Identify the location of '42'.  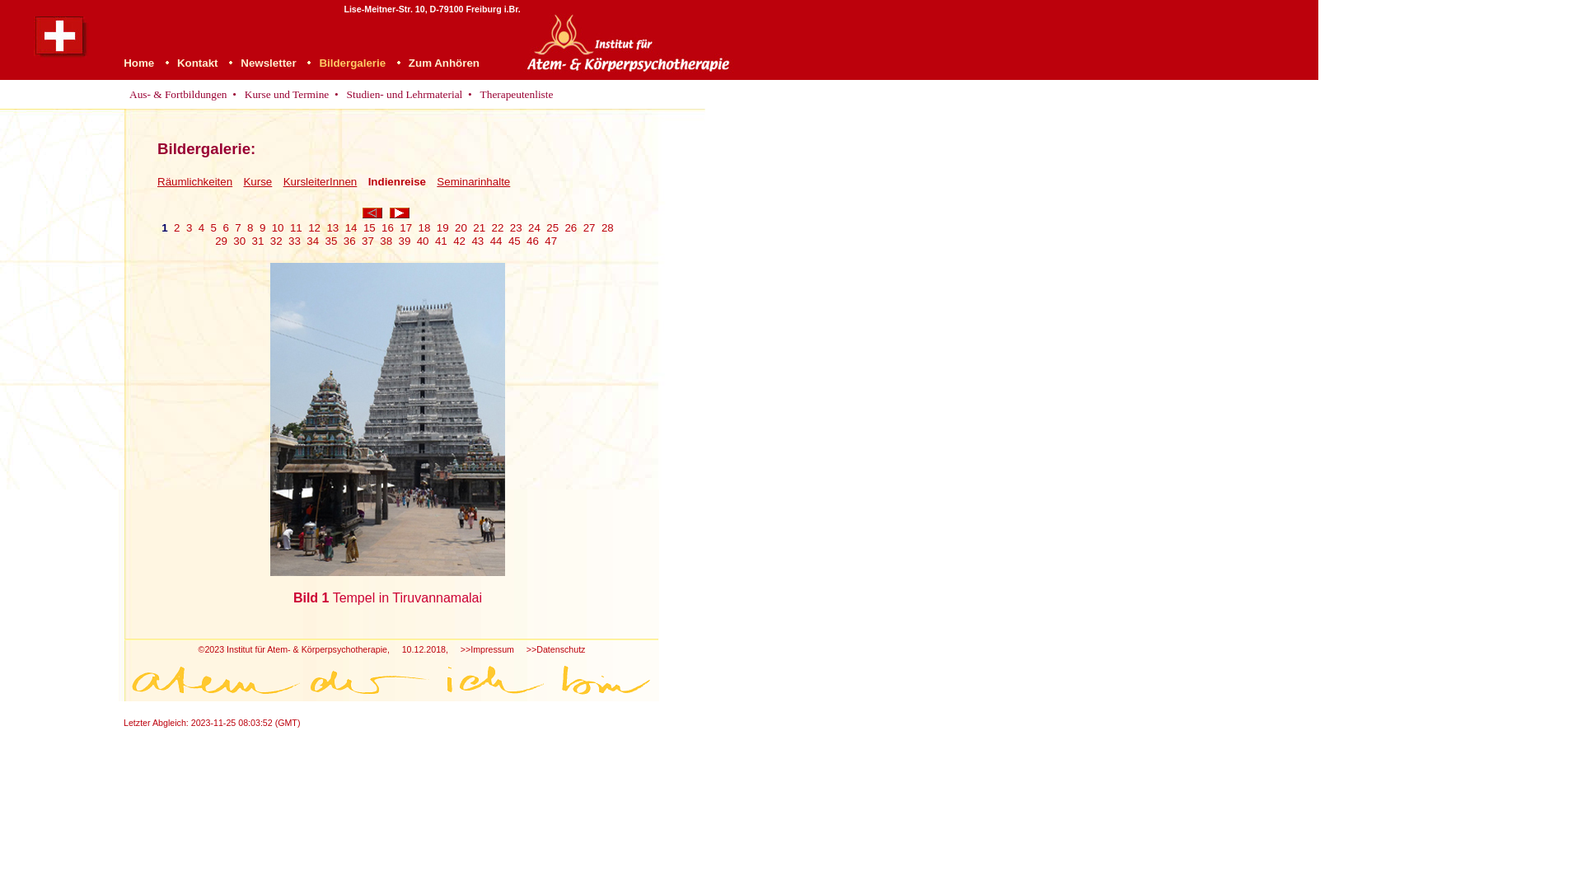
(453, 241).